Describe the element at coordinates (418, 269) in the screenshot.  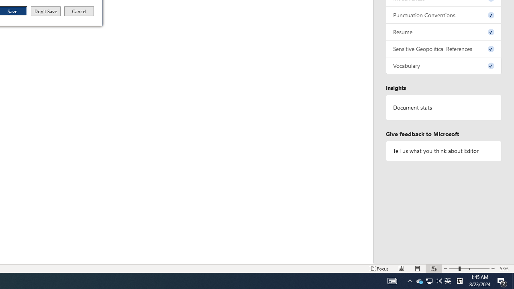
I see `'Notification Chevron'` at that location.